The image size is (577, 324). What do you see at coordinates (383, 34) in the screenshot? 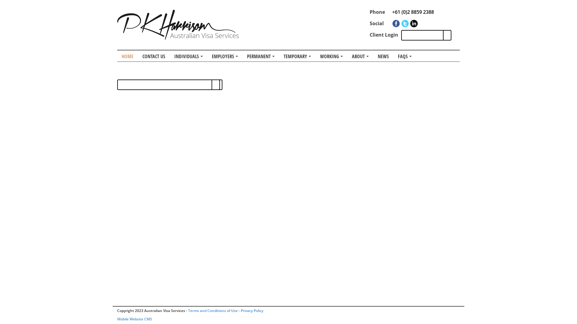
I see `'Client Login'` at bounding box center [383, 34].